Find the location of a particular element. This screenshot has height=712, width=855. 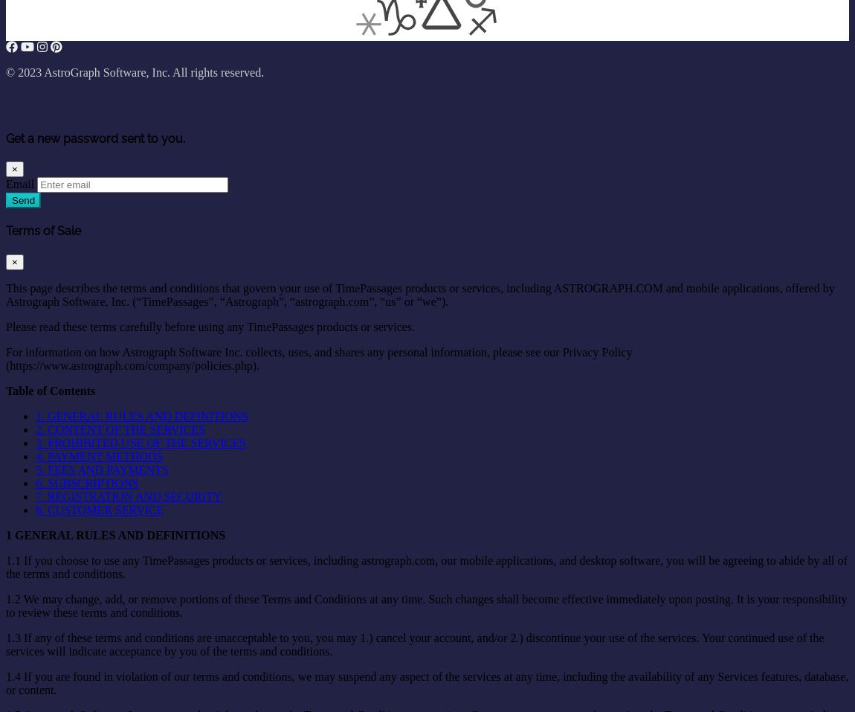

'1.1  If you choose to use any TimePassages products or services, including astrograph.com, our mobile applications, and desktop software, you will be agreeing to abide by all of the terms and conditions.' is located at coordinates (5, 566).